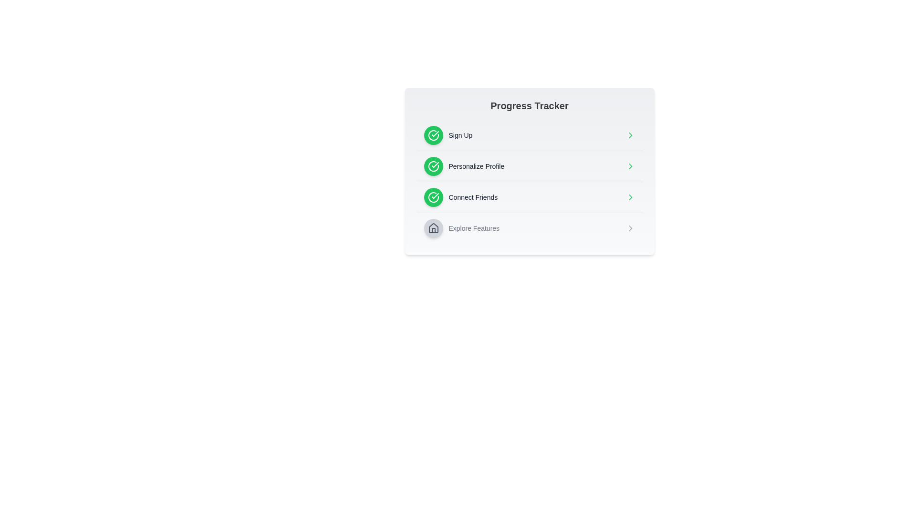  I want to click on the arrow icon located at the far right end of the 'Personalize Profile' row in the progress tracker interface, so click(630, 165).